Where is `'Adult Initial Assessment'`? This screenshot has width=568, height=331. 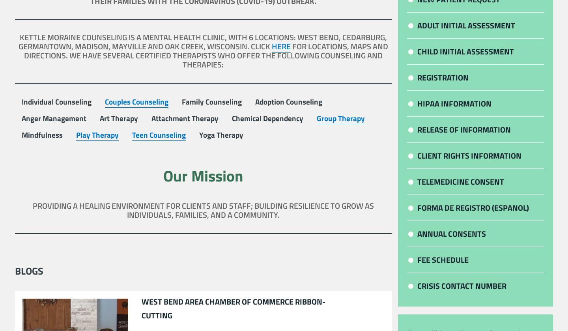 'Adult Initial Assessment' is located at coordinates (466, 25).